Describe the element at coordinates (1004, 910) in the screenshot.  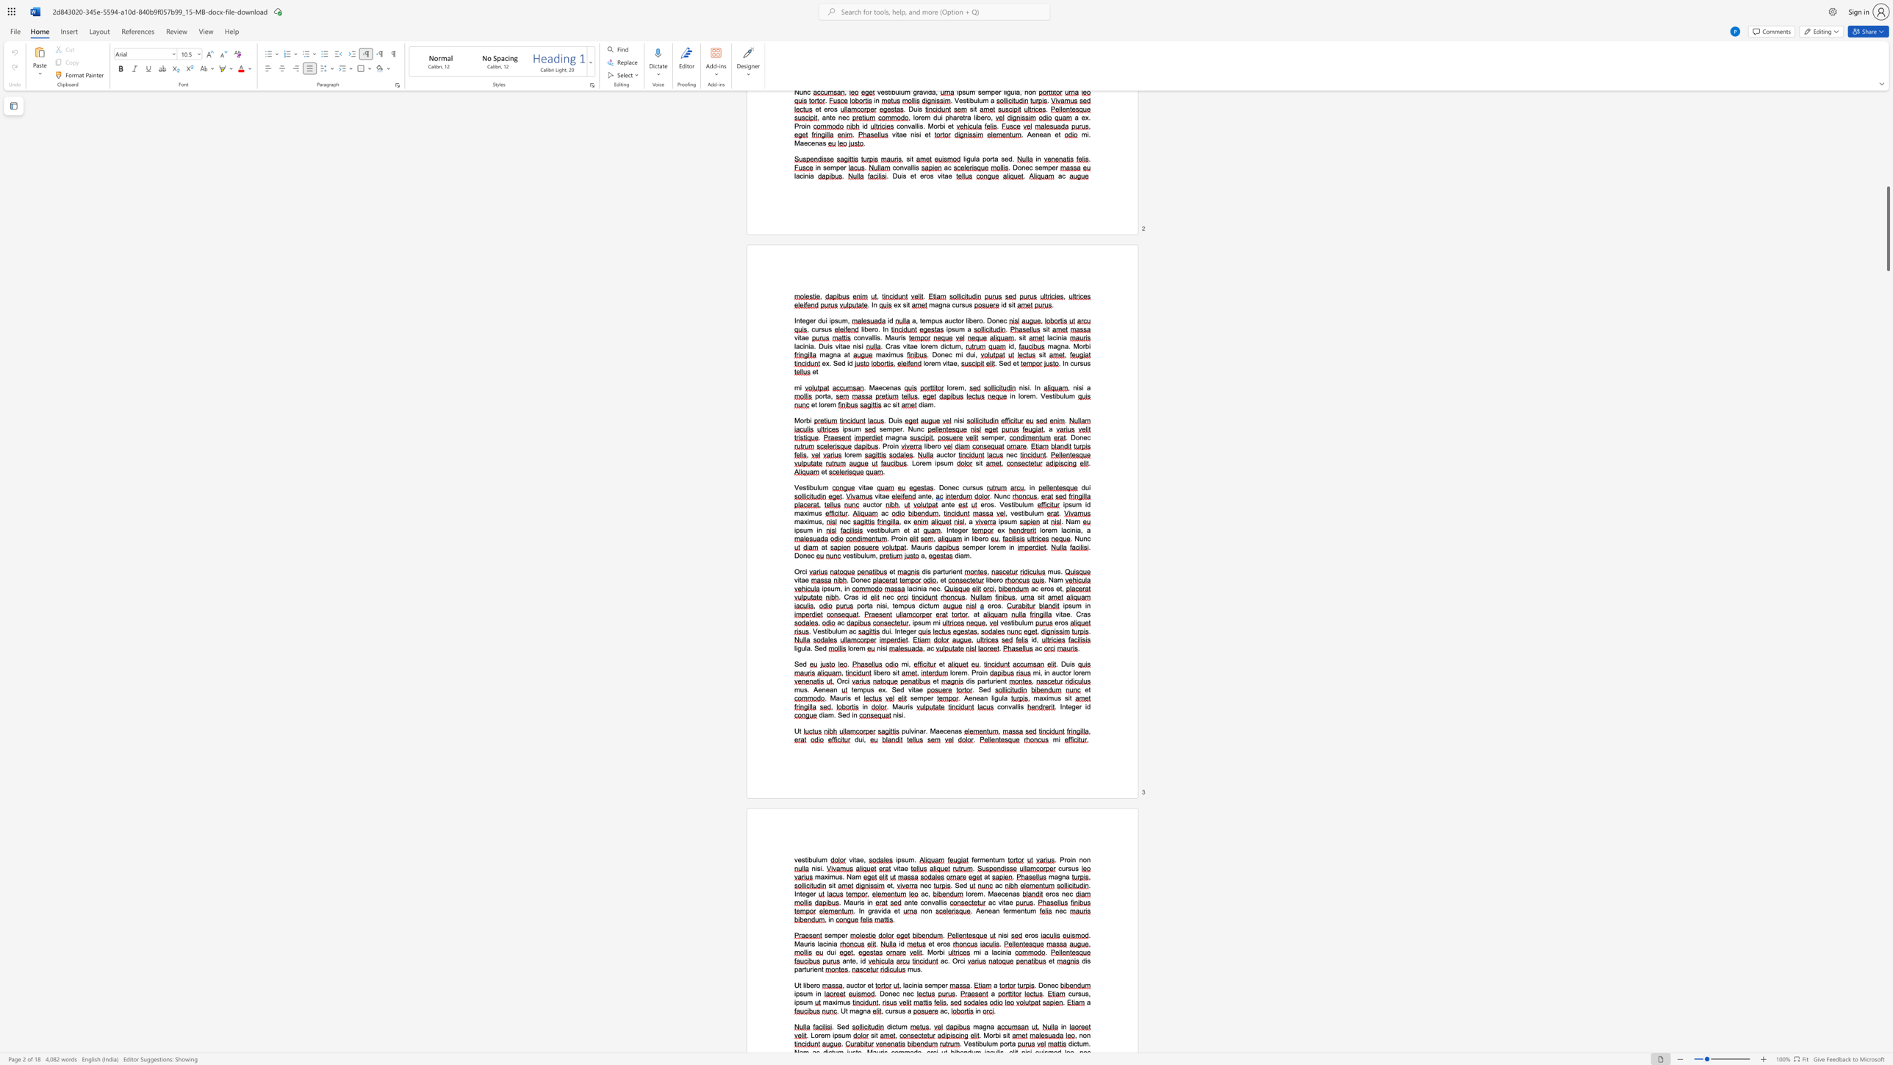
I see `the space between the continuous character "f" and "e" in the text` at that location.